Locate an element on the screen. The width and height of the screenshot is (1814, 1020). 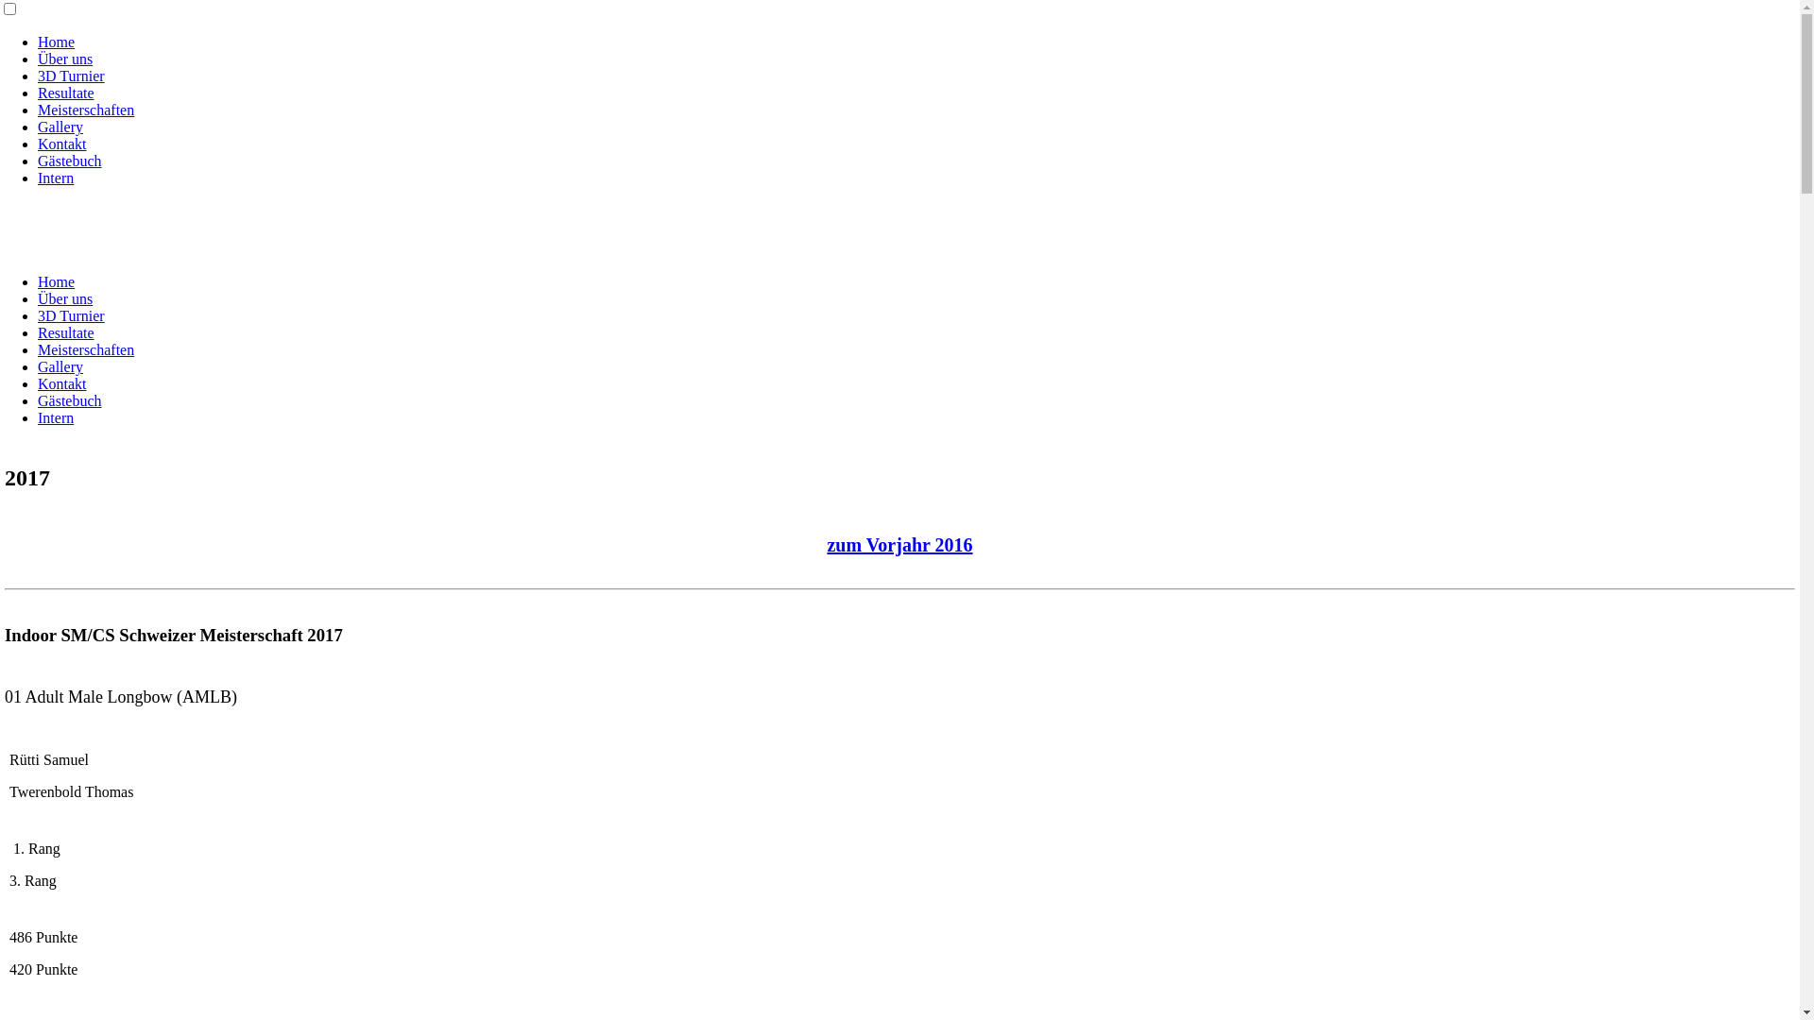
'Resultate' is located at coordinates (66, 331).